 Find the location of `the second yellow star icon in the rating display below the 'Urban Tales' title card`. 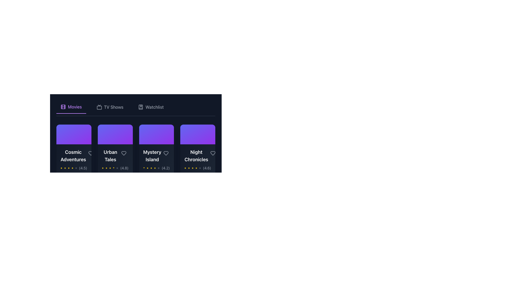

the second yellow star icon in the rating display below the 'Urban Tales' title card is located at coordinates (106, 168).